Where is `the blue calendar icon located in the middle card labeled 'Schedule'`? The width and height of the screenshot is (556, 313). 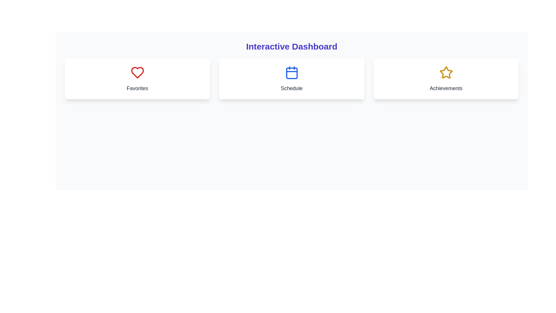
the blue calendar icon located in the middle card labeled 'Schedule' is located at coordinates (292, 72).